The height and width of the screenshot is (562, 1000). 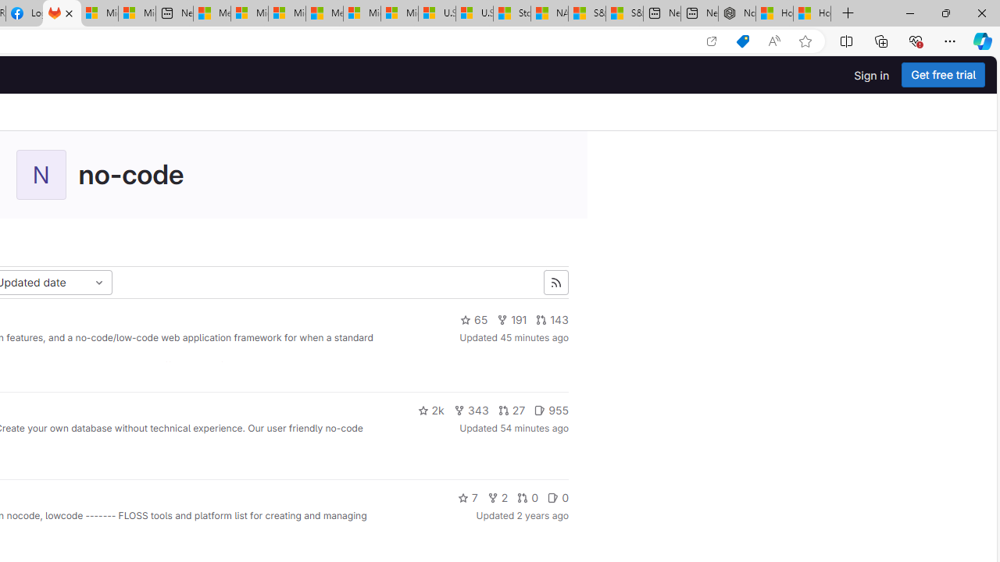 What do you see at coordinates (553, 497) in the screenshot?
I see `'Class: s14 gl-mr-2'` at bounding box center [553, 497].